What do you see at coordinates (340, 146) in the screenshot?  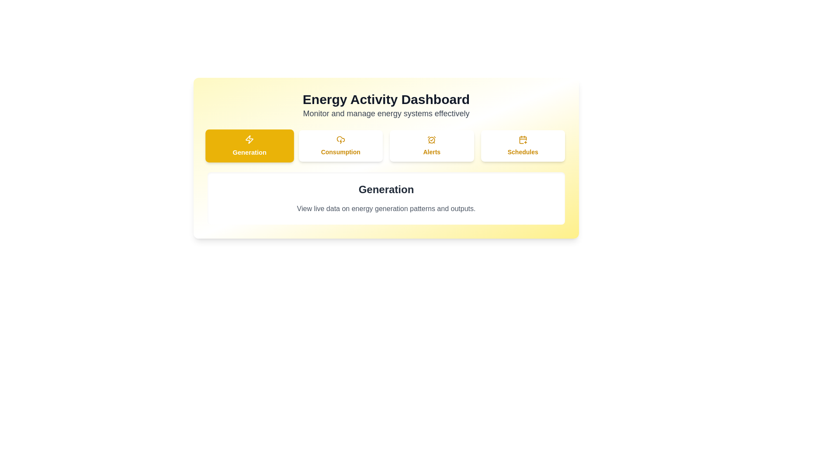 I see `the Consumption tab to view its content` at bounding box center [340, 146].